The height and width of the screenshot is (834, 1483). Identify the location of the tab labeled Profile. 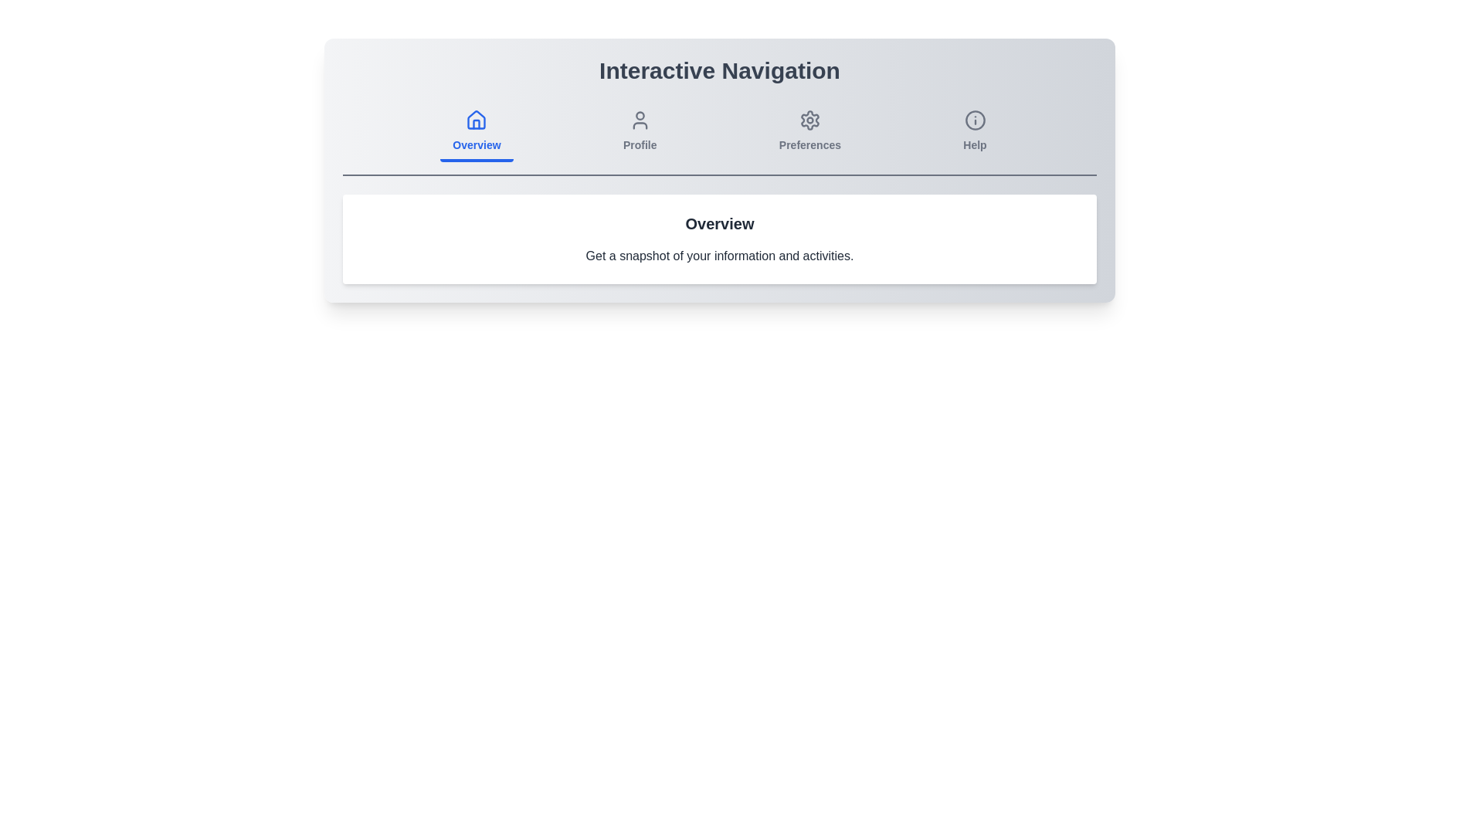
(640, 132).